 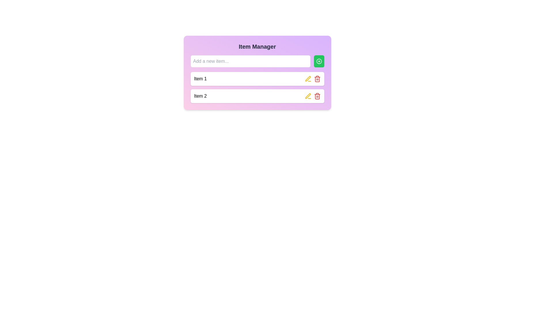 What do you see at coordinates (317, 96) in the screenshot?
I see `the red trash bin icon button located at the far-right of the second-row item in the list` at bounding box center [317, 96].